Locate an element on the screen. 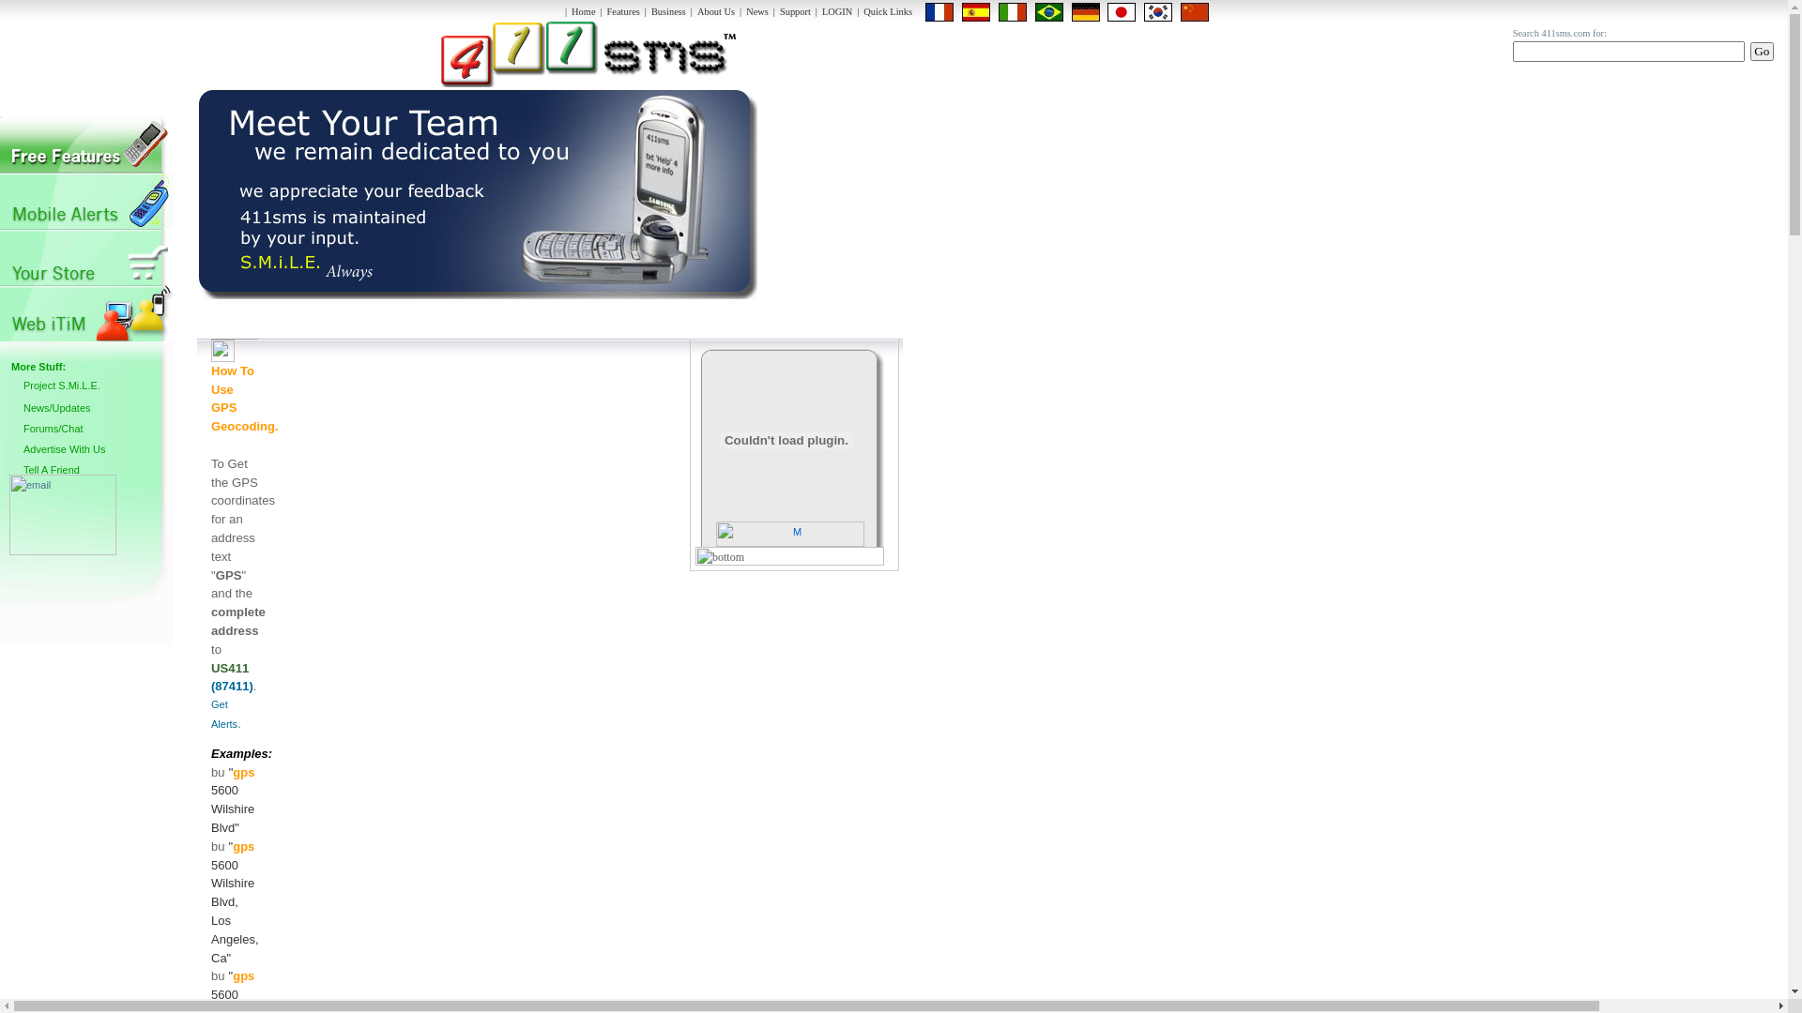  'en|de' is located at coordinates (1085, 11).